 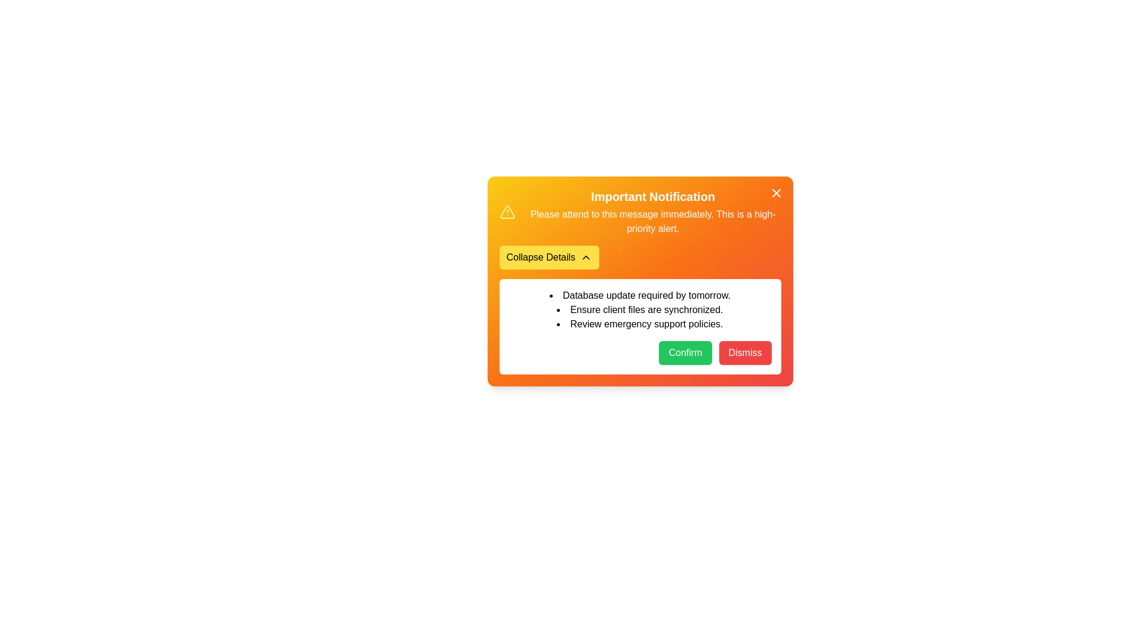 I want to click on the 'Confirm' button to acknowledge the notification, so click(x=685, y=352).